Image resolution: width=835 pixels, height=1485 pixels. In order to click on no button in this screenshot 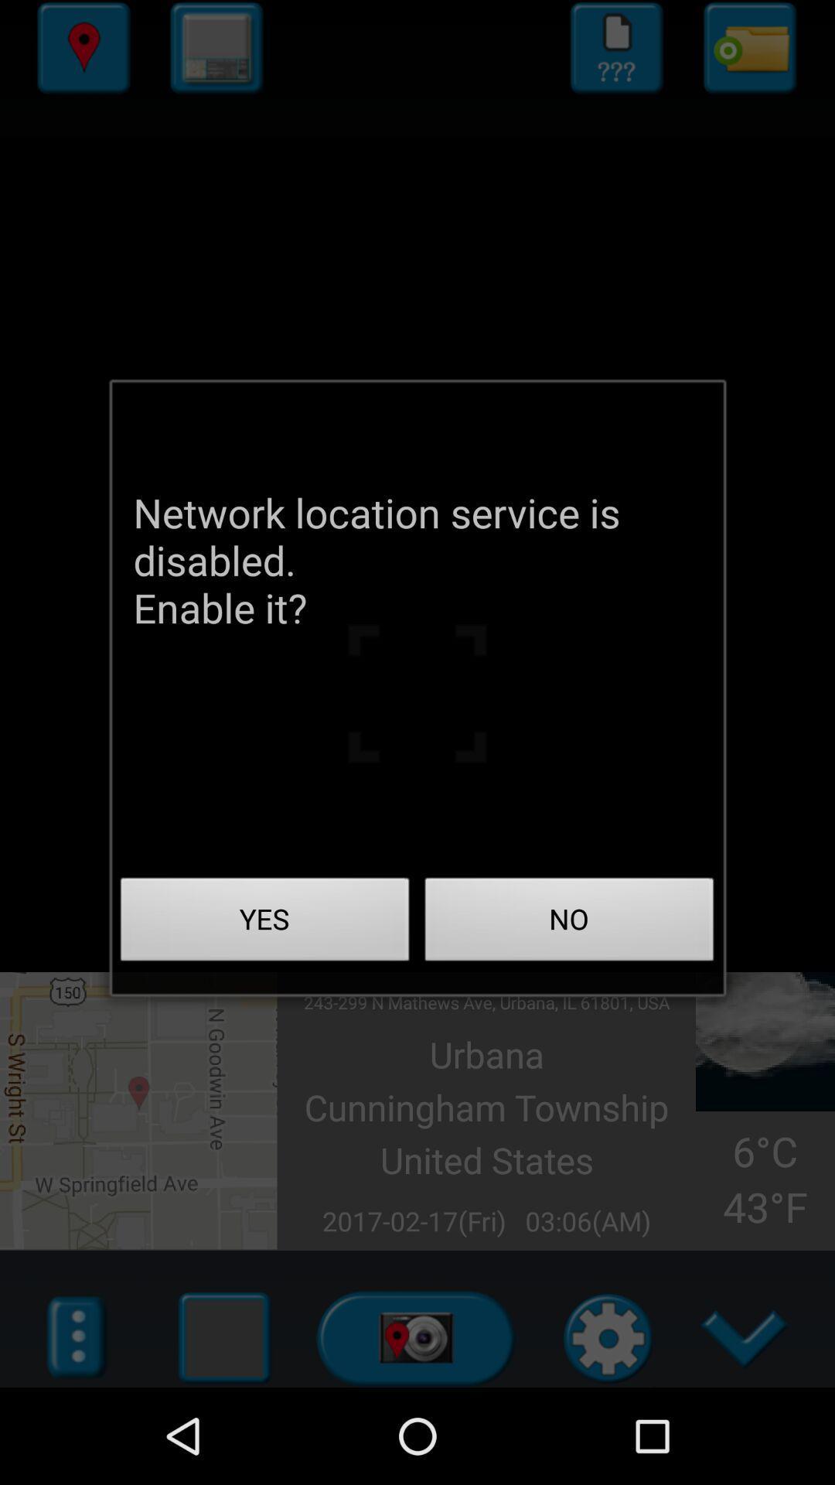, I will do `click(569, 923)`.